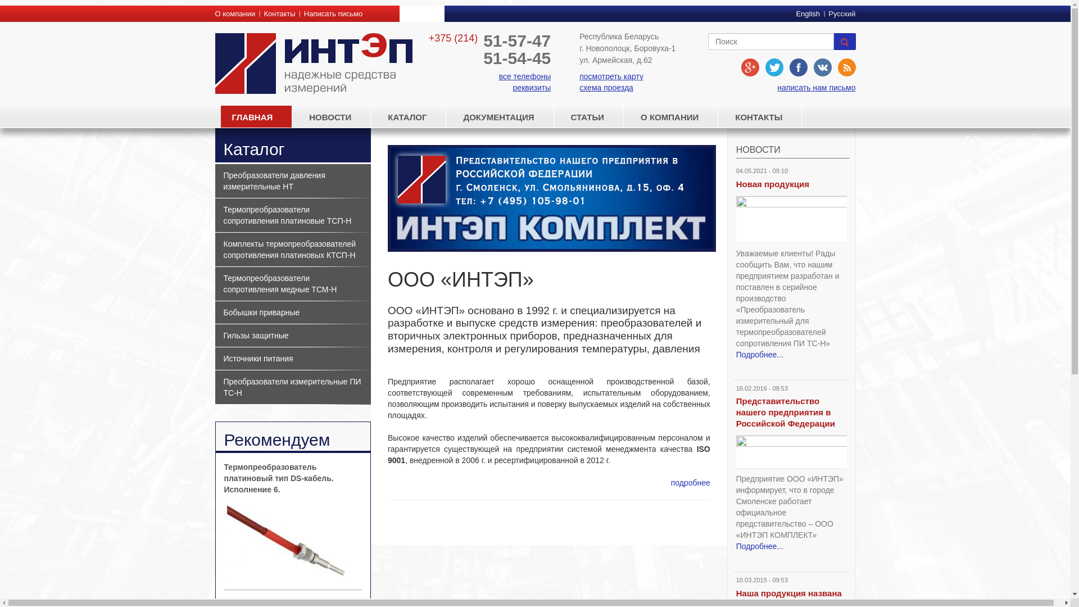 This screenshot has height=607, width=1079. Describe the element at coordinates (795, 13) in the screenshot. I see `'English'` at that location.